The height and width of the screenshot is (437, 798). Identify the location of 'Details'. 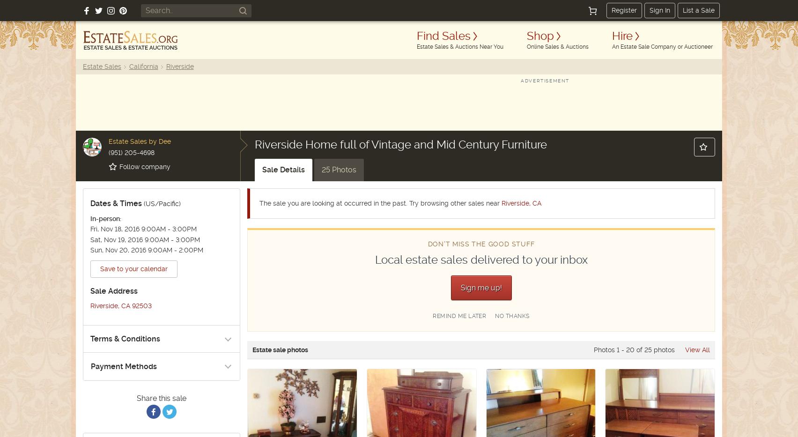
(280, 169).